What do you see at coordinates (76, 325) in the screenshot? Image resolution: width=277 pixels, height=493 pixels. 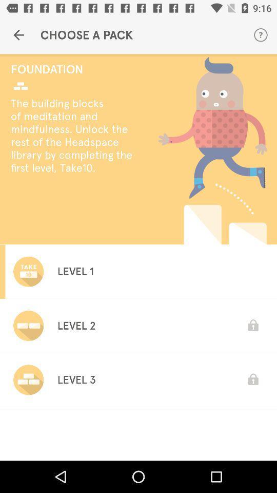 I see `level 2 item` at bounding box center [76, 325].